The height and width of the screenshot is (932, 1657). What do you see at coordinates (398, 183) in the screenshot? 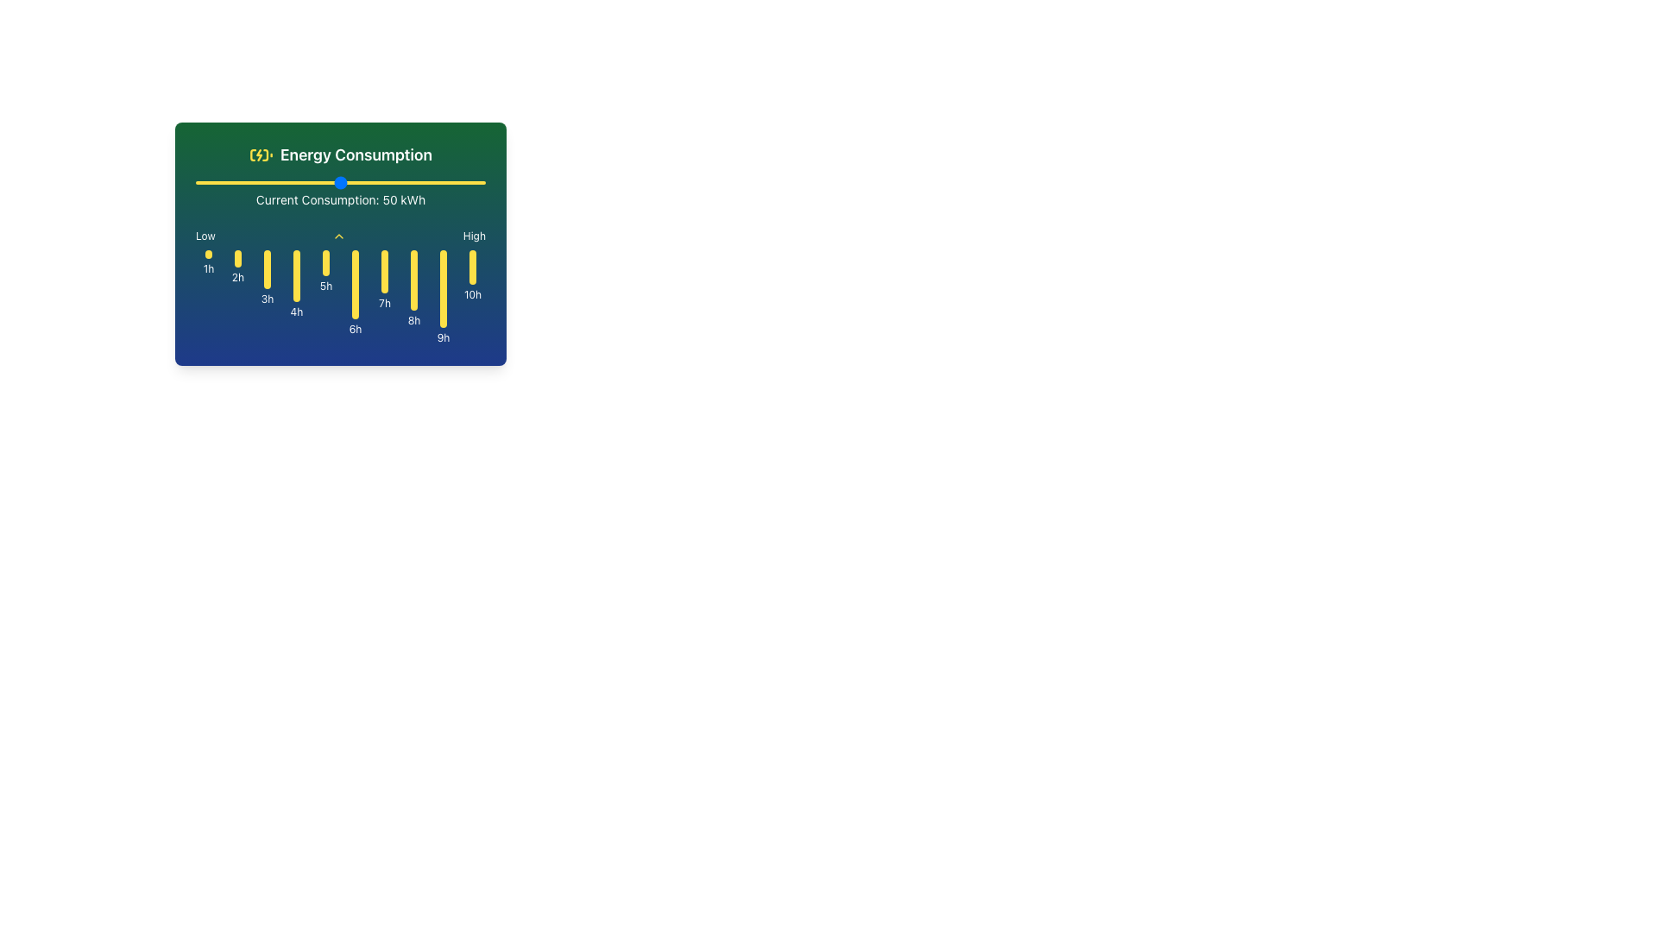
I see `current consumption` at bounding box center [398, 183].